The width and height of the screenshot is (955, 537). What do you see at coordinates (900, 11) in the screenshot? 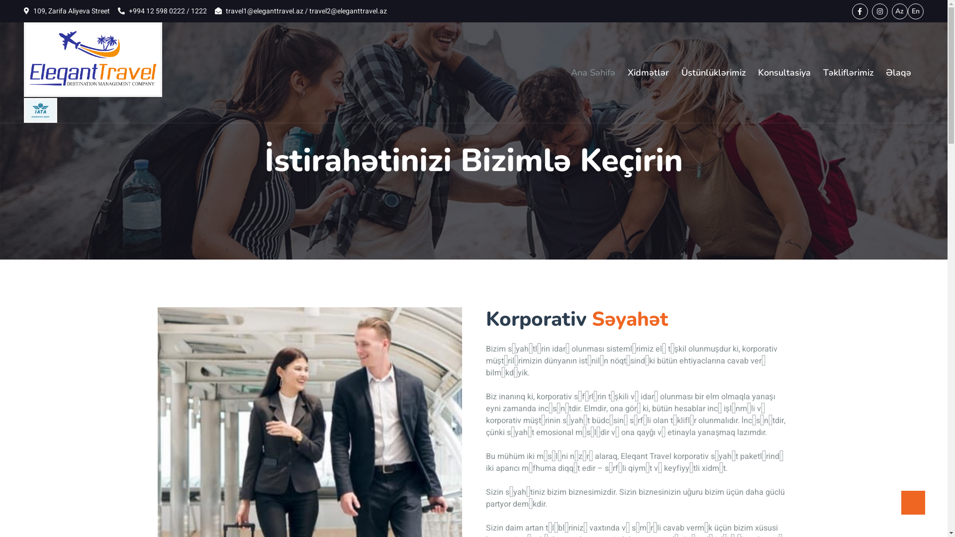
I see `'Az'` at bounding box center [900, 11].